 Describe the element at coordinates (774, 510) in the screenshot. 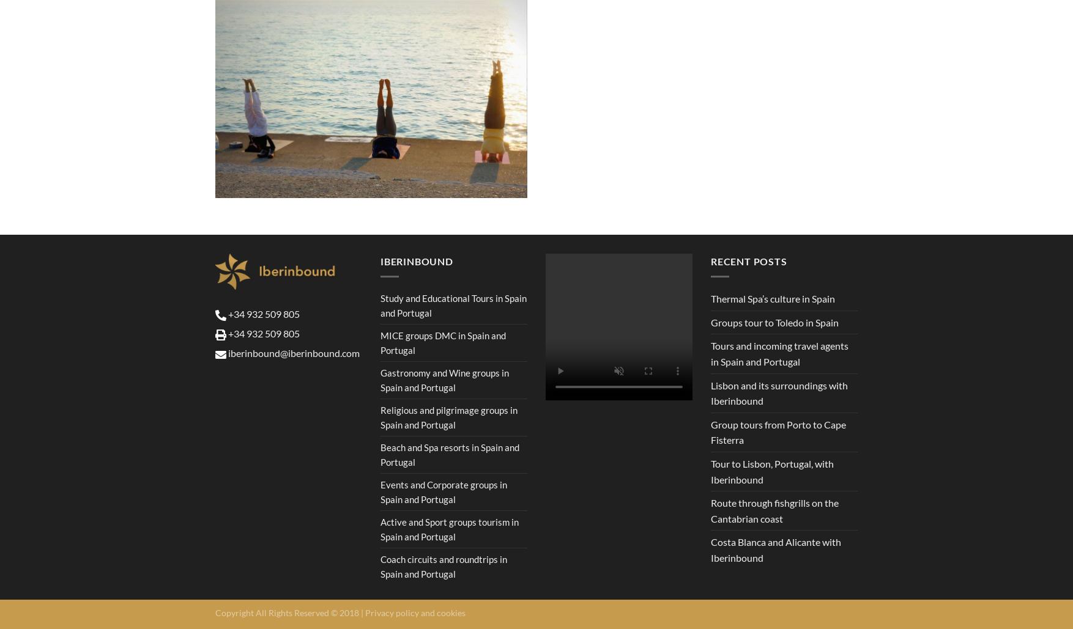

I see `'Route through fishgrills on the Cantabrian coast'` at that location.